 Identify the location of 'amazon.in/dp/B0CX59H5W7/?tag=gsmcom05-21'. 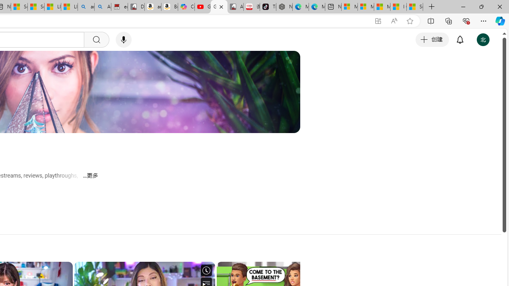
(153, 7).